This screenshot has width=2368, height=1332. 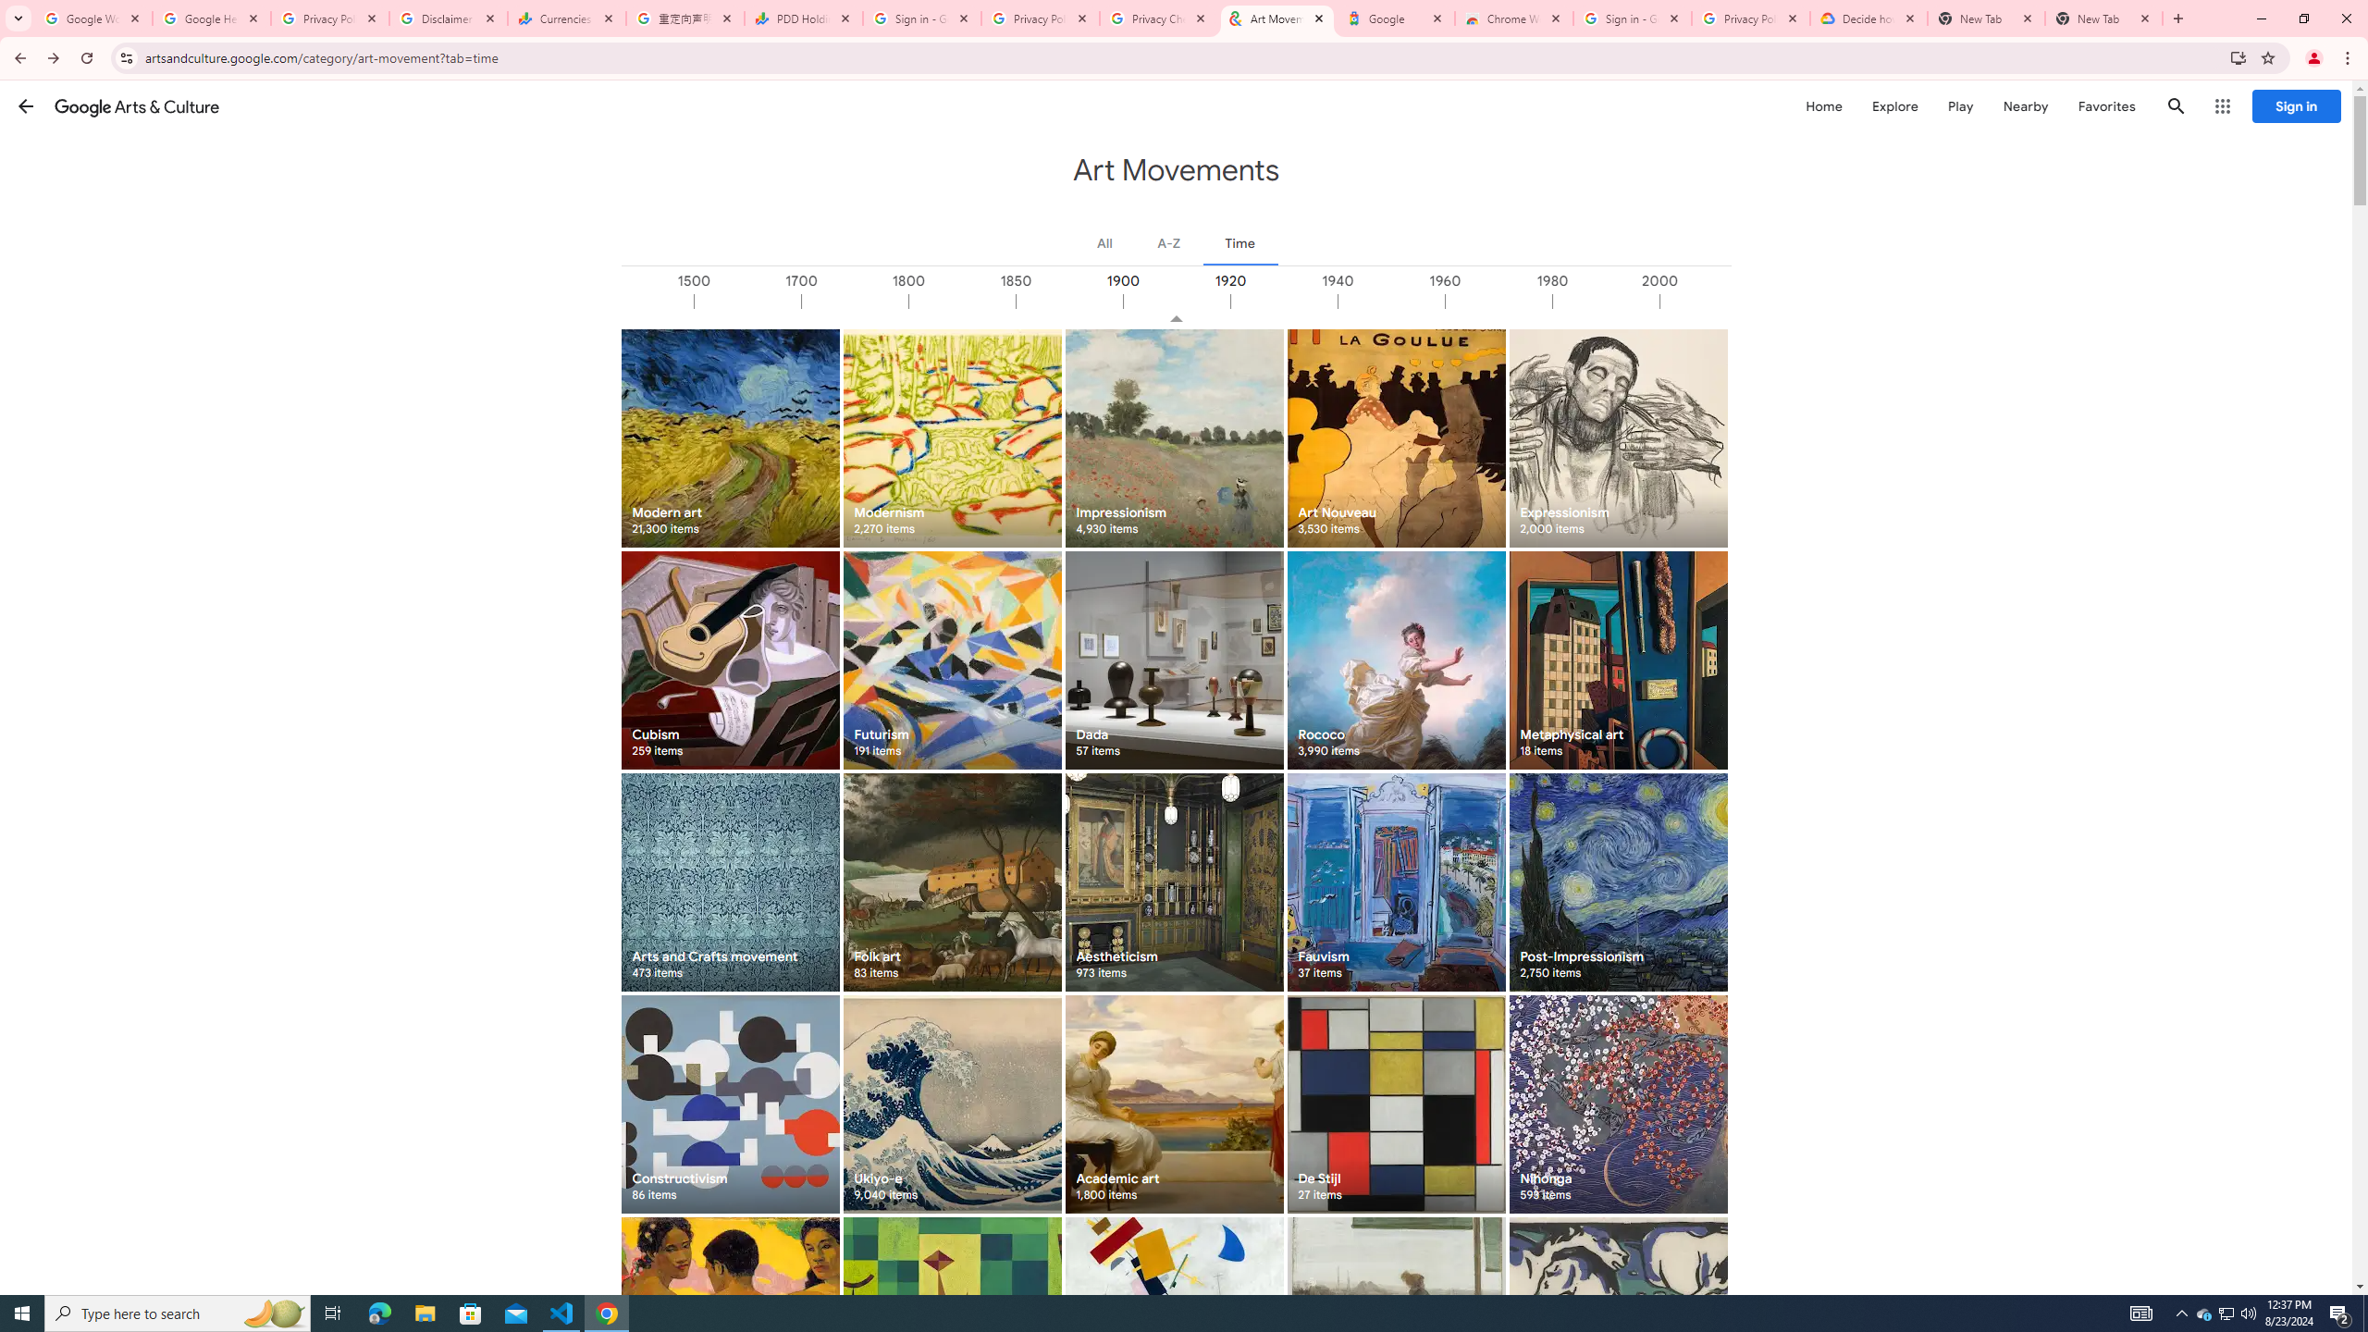 What do you see at coordinates (2238, 56) in the screenshot?
I see `'Install Google Arts & Culture'` at bounding box center [2238, 56].